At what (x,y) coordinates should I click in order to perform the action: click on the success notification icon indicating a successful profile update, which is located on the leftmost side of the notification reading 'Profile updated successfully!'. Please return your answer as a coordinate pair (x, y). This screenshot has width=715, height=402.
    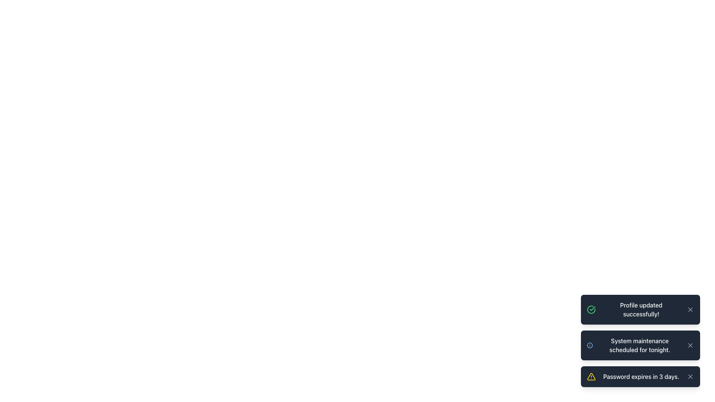
    Looking at the image, I should click on (591, 310).